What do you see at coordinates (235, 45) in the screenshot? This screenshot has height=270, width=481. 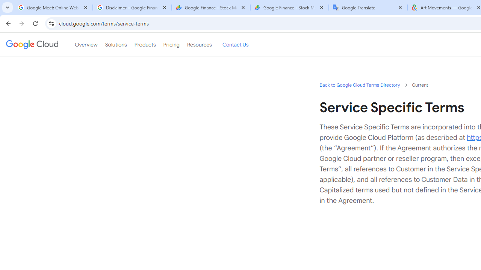 I see `'Contact Us'` at bounding box center [235, 45].